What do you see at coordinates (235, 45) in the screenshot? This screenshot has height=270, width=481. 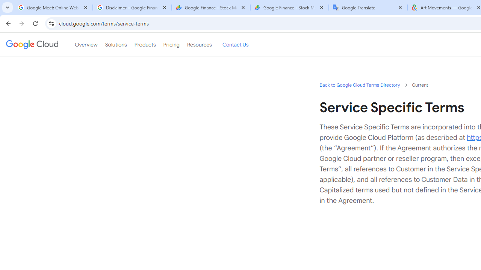 I see `'Contact Us'` at bounding box center [235, 45].